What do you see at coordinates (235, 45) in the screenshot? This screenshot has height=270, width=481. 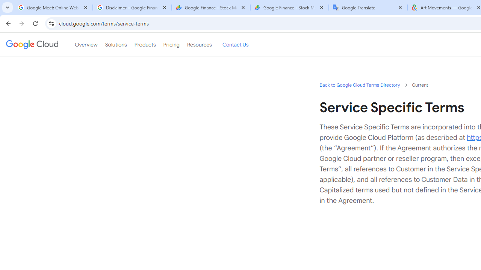 I see `'Contact Us'` at bounding box center [235, 45].